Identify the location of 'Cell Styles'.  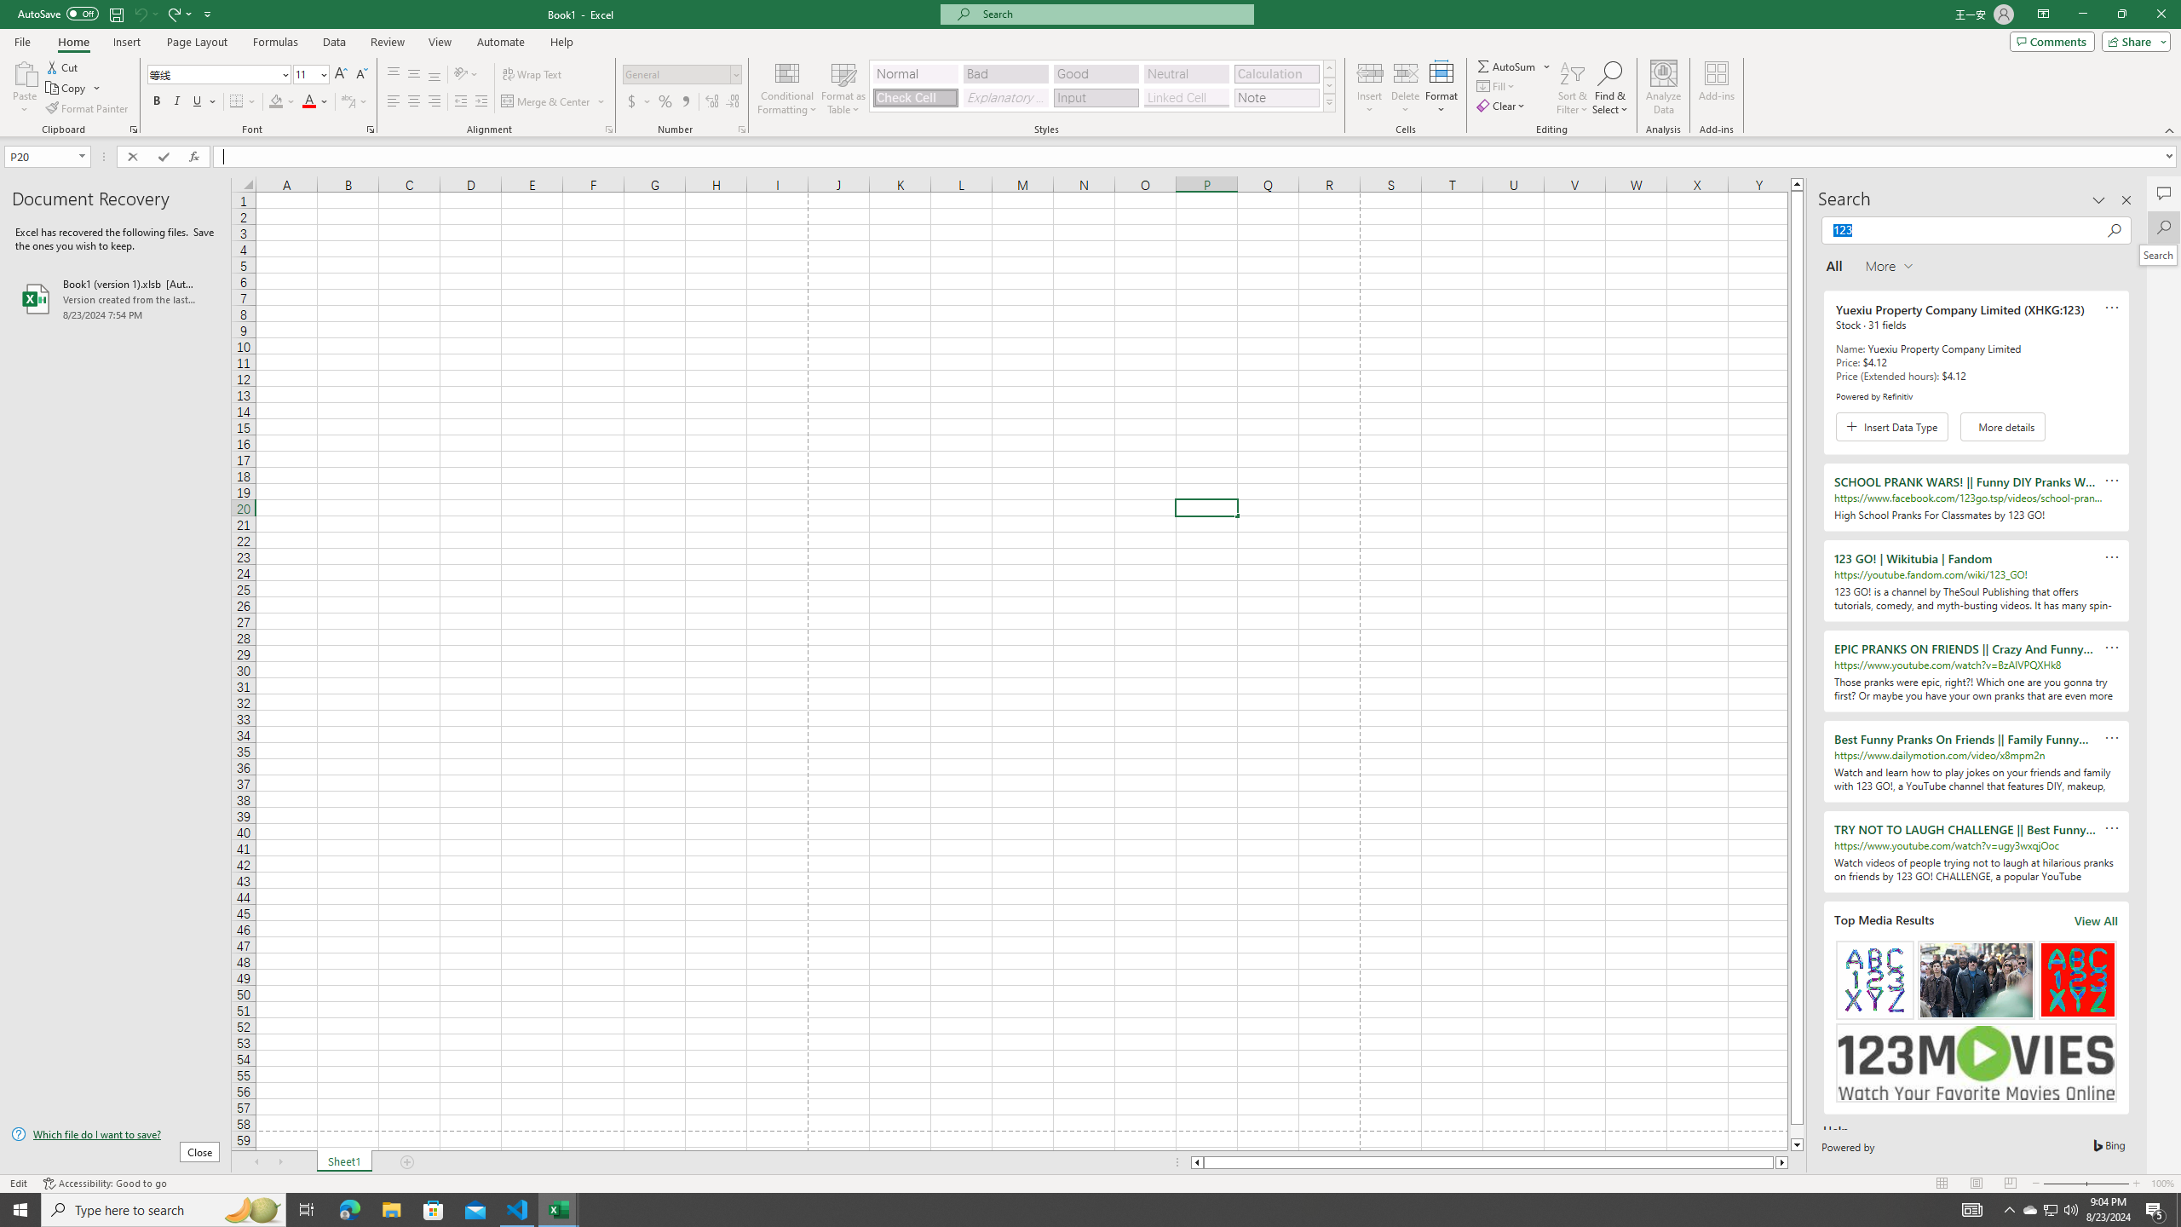
(1329, 101).